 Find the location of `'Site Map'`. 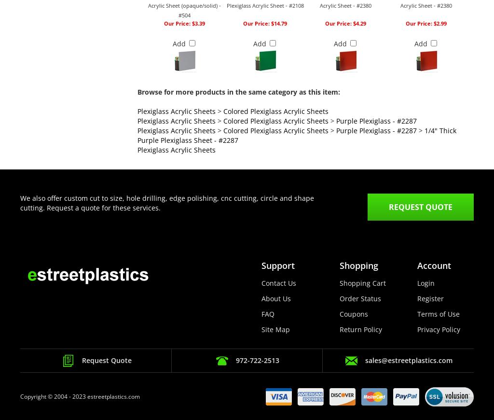

'Site Map' is located at coordinates (261, 329).